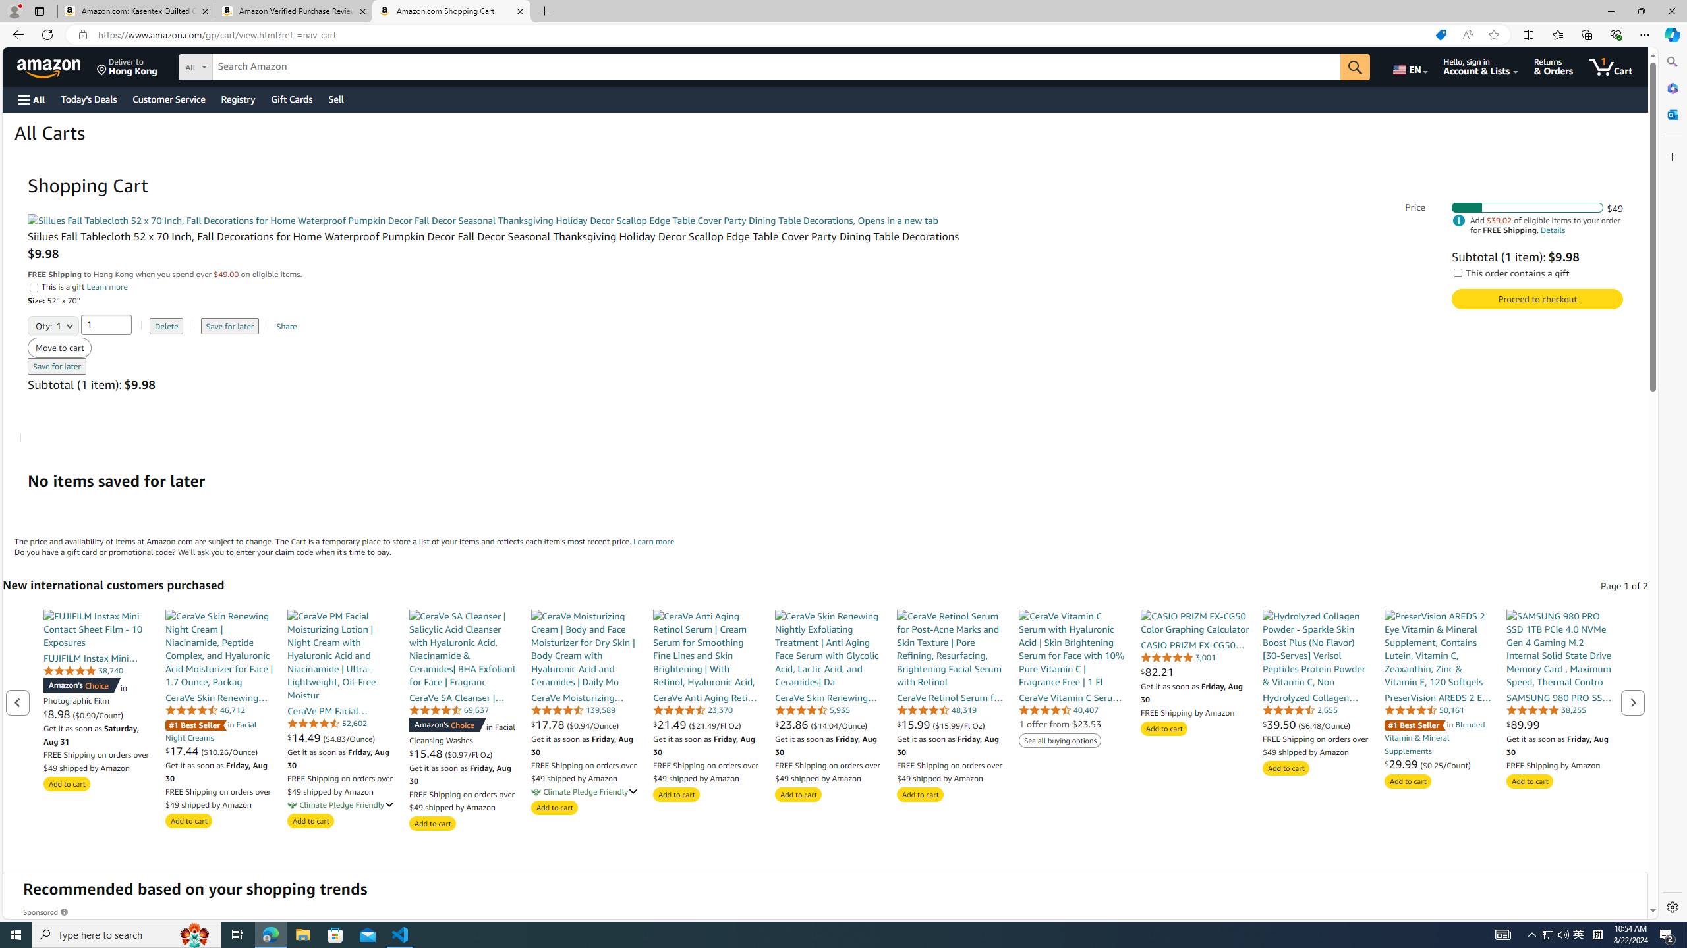  Describe the element at coordinates (237, 99) in the screenshot. I see `'Registry'` at that location.